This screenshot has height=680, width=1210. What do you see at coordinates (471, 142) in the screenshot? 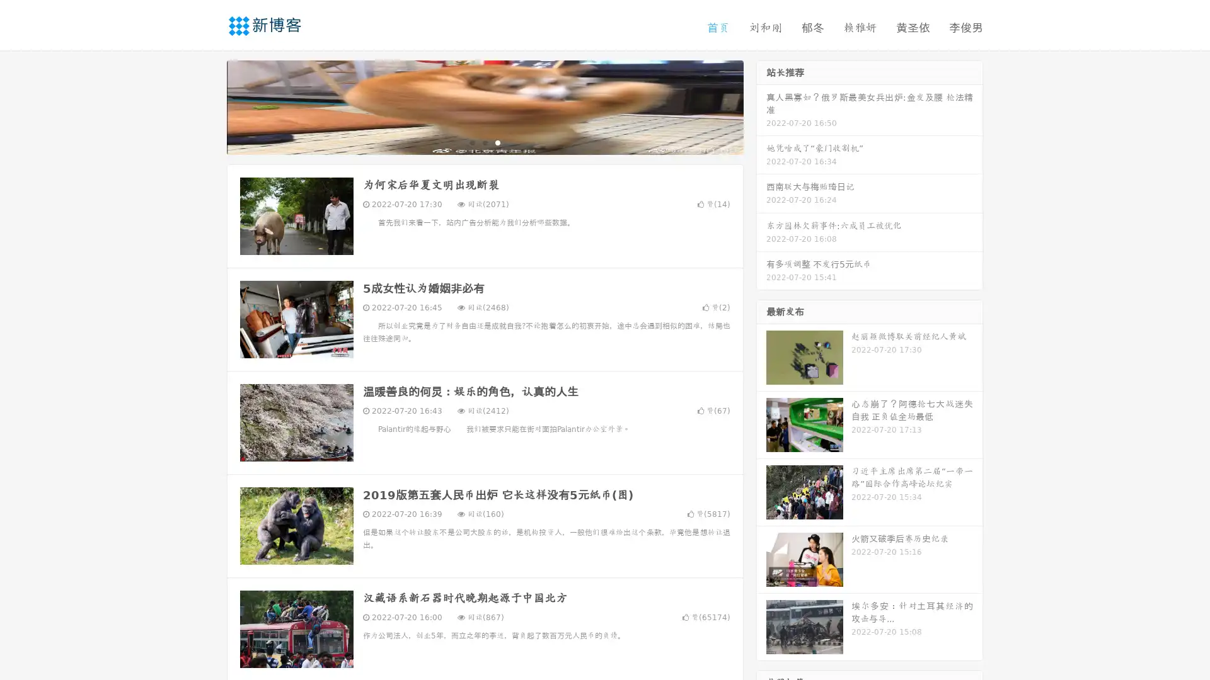
I see `Go to slide 1` at bounding box center [471, 142].